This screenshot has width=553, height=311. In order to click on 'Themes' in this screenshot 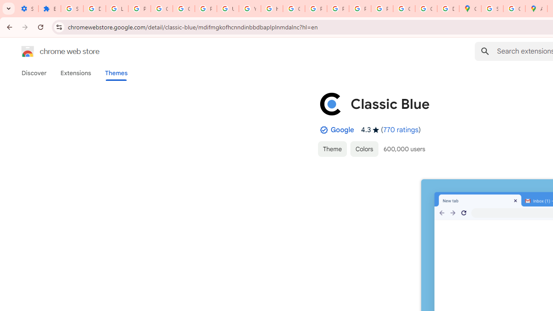, I will do `click(116, 73)`.